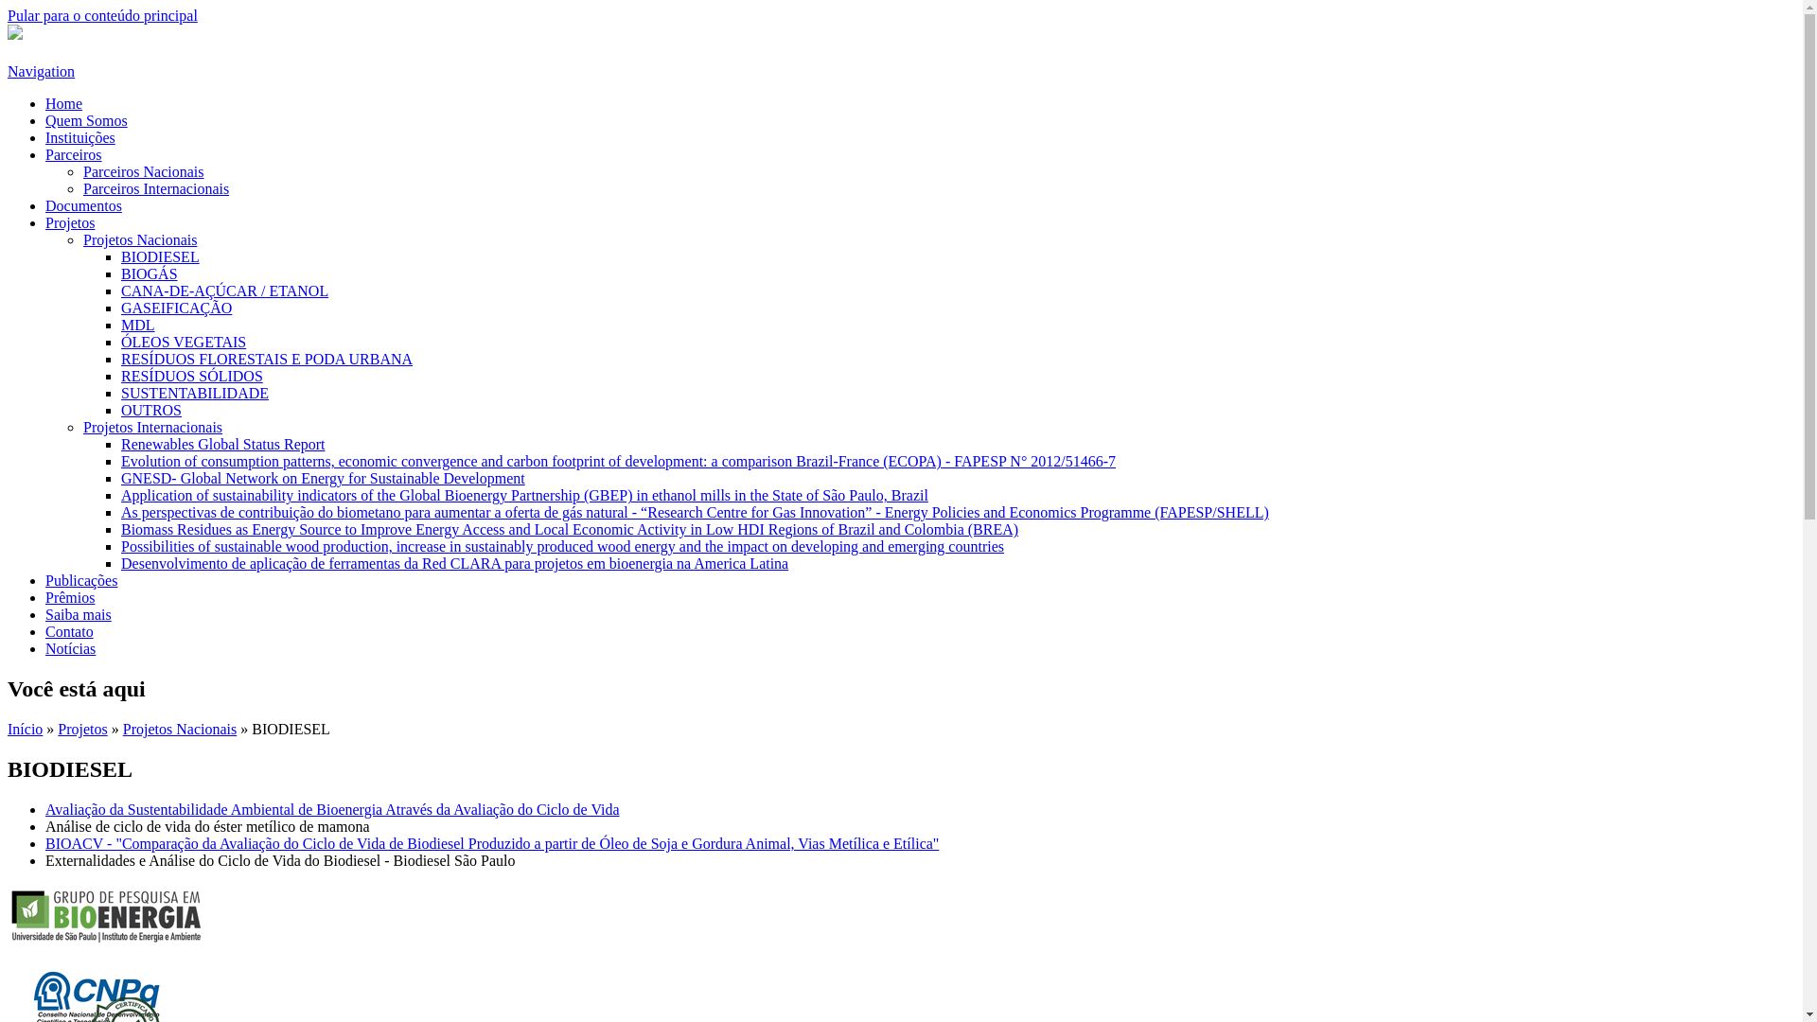 This screenshot has height=1022, width=1817. I want to click on 'SUSTENTABILIDADE', so click(195, 392).